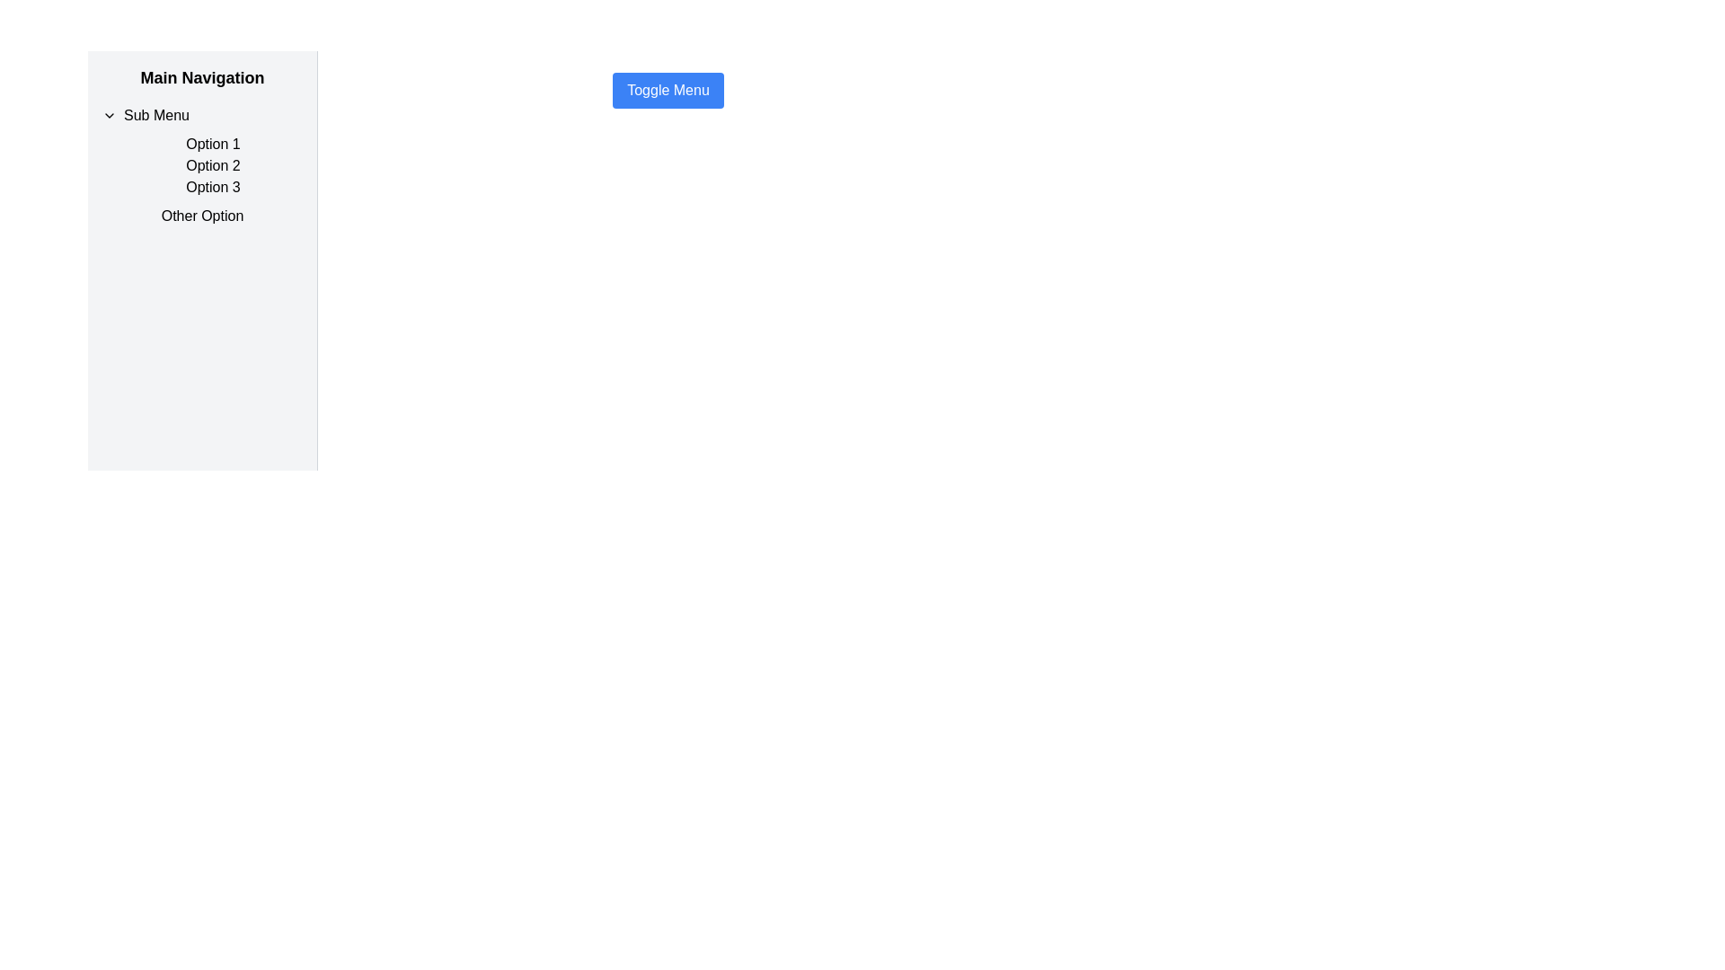  What do you see at coordinates (202, 115) in the screenshot?
I see `the first button in the 'Sub Menu' section` at bounding box center [202, 115].